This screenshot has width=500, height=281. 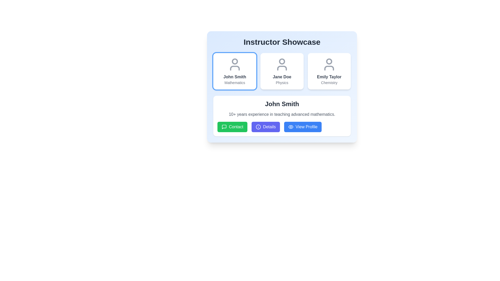 What do you see at coordinates (224, 127) in the screenshot?
I see `the decorative communication icon positioned to the left of the green 'Contact' button for 'John Smith'` at bounding box center [224, 127].